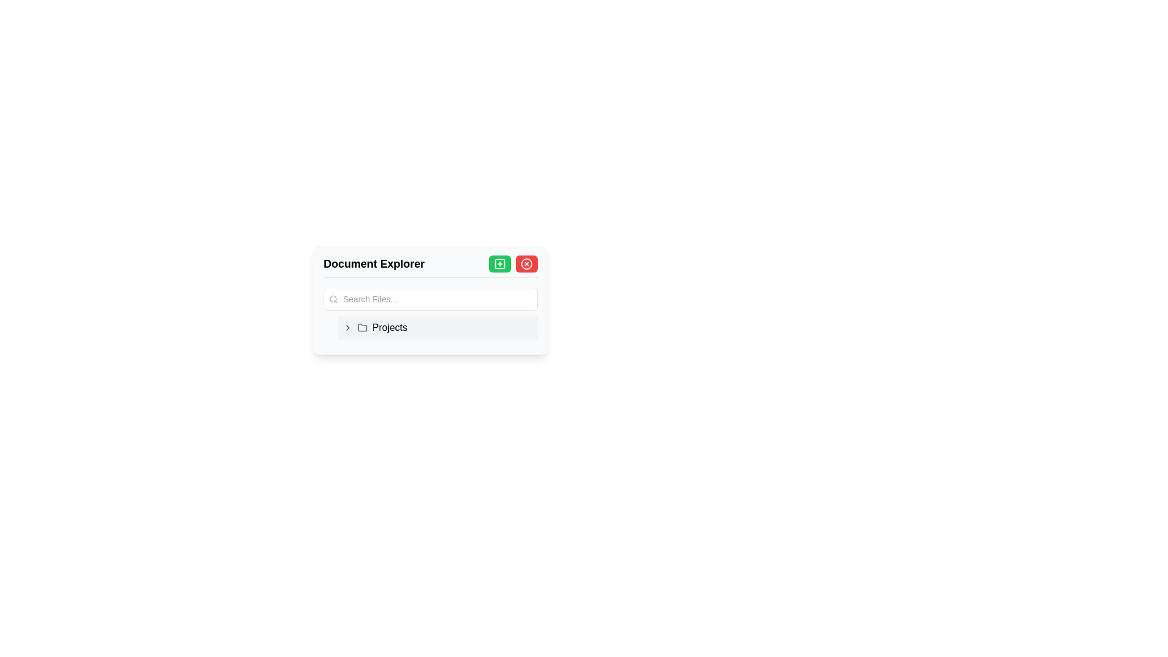 Image resolution: width=1168 pixels, height=657 pixels. What do you see at coordinates (499, 263) in the screenshot?
I see `the icon consisting of a square outline with a plus sign centered inside it, located within the green button at the top-right corner of the 'Document Explorer' panel` at bounding box center [499, 263].